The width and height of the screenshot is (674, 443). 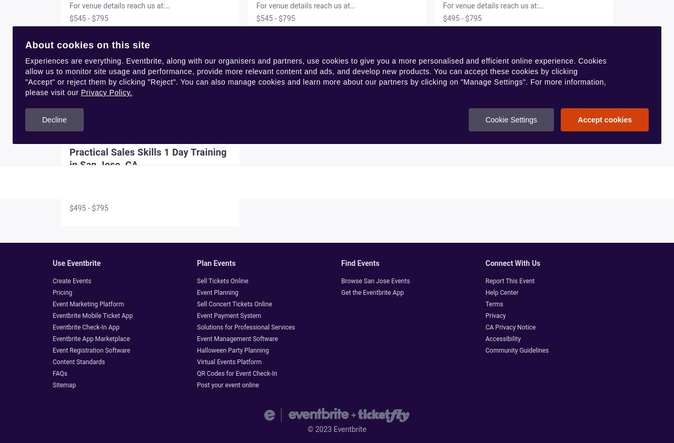 I want to click on 'Pricing', so click(x=62, y=292).